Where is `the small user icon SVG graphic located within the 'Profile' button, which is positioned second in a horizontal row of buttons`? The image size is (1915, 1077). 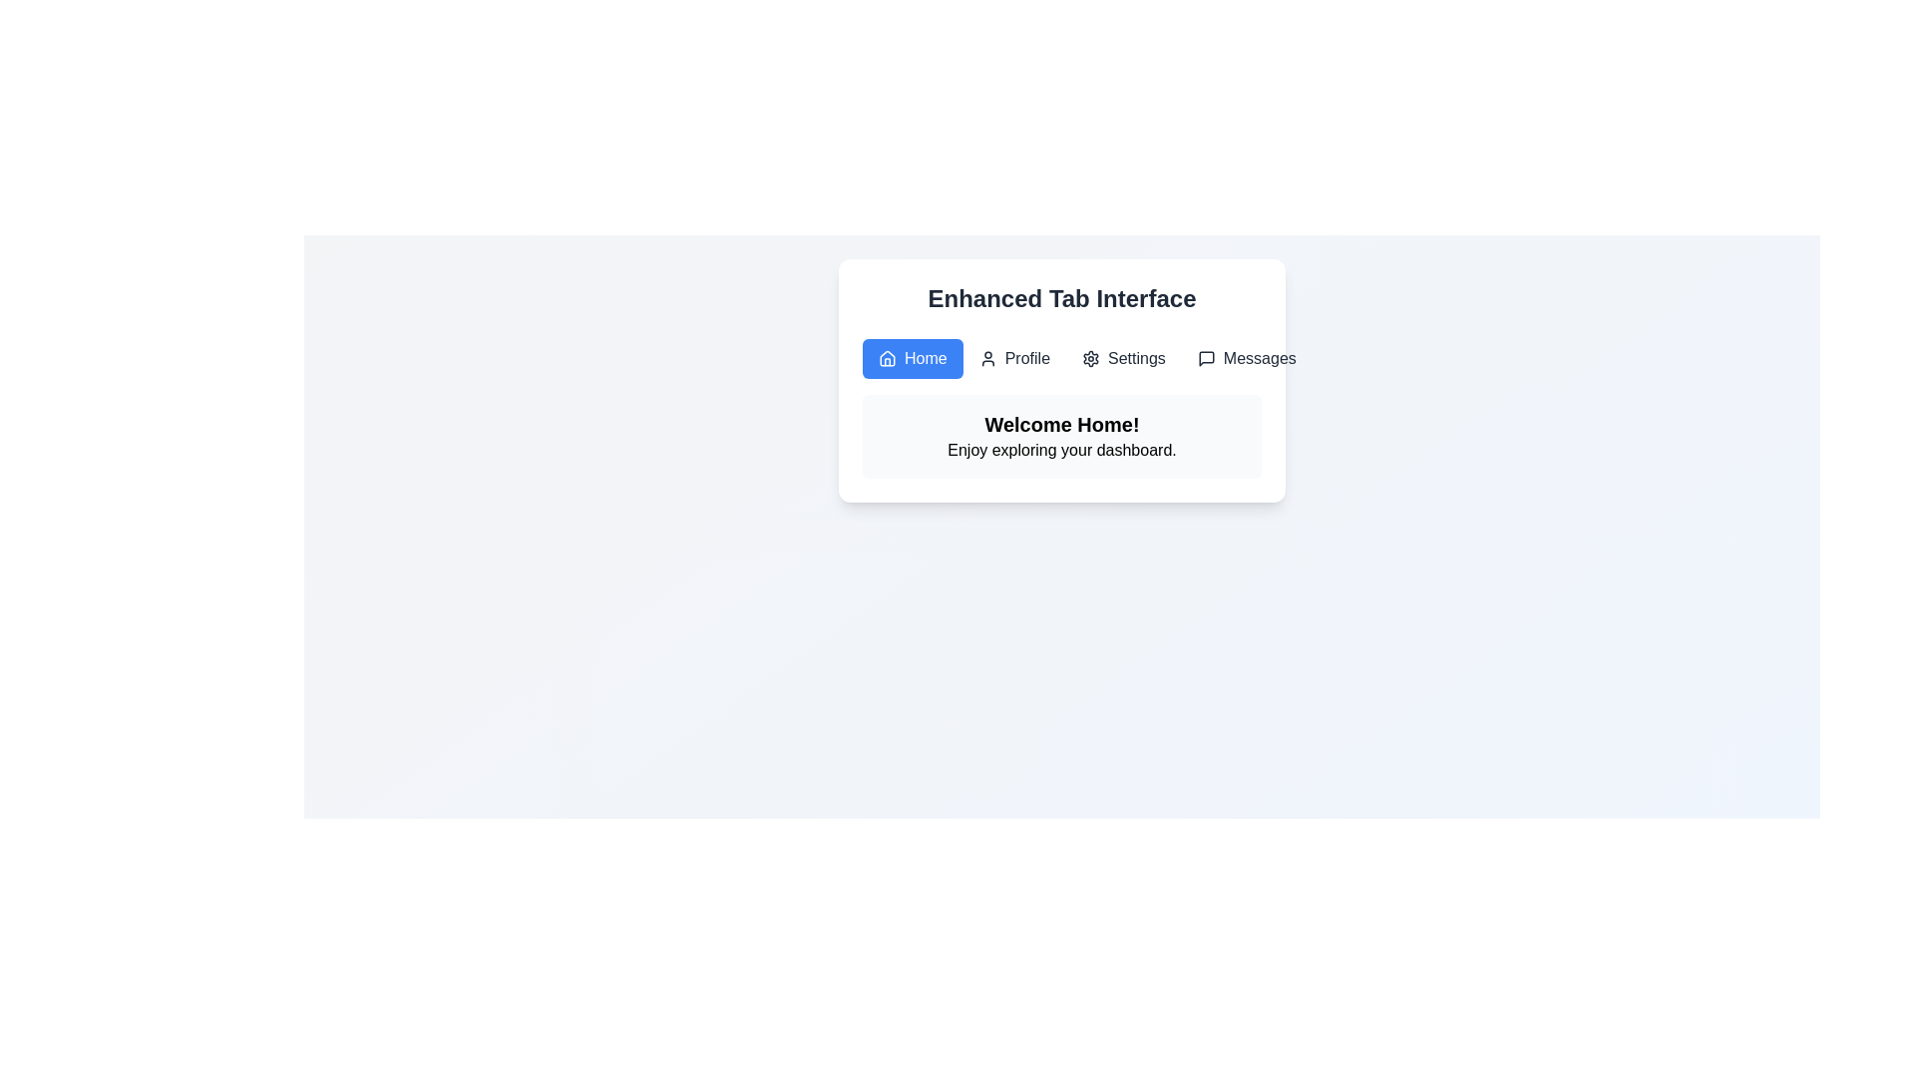
the small user icon SVG graphic located within the 'Profile' button, which is positioned second in a horizontal row of buttons is located at coordinates (987, 357).